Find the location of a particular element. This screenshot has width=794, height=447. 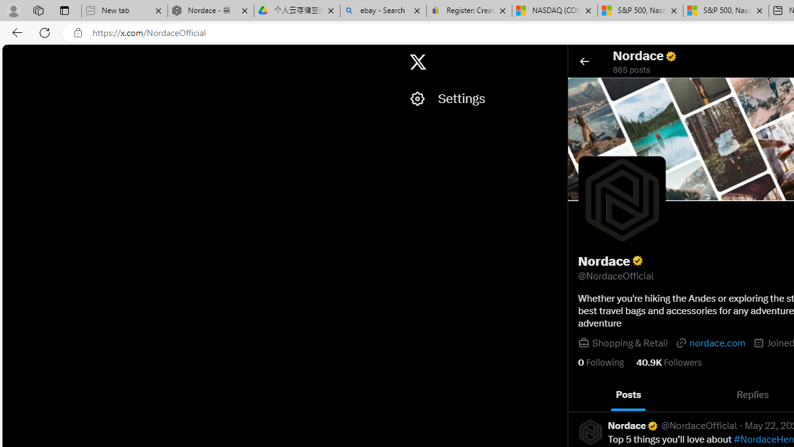

'Square profile picture and Opens profile photo' is located at coordinates (622, 199).